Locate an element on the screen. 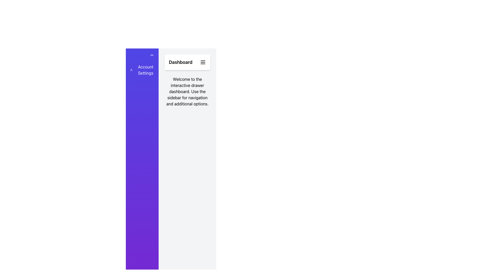 This screenshot has height=277, width=492. the chevron icon styled as an upward pointing arrow located at the top-right corner of the vertical purple gradient sidebar, which is labeled 'Account Settings' is located at coordinates (151, 55).